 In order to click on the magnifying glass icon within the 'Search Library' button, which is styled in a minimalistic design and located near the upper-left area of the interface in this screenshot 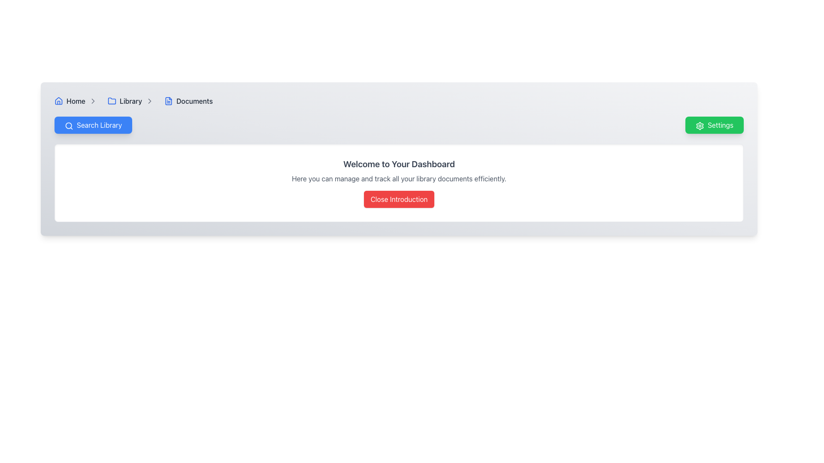, I will do `click(69, 126)`.